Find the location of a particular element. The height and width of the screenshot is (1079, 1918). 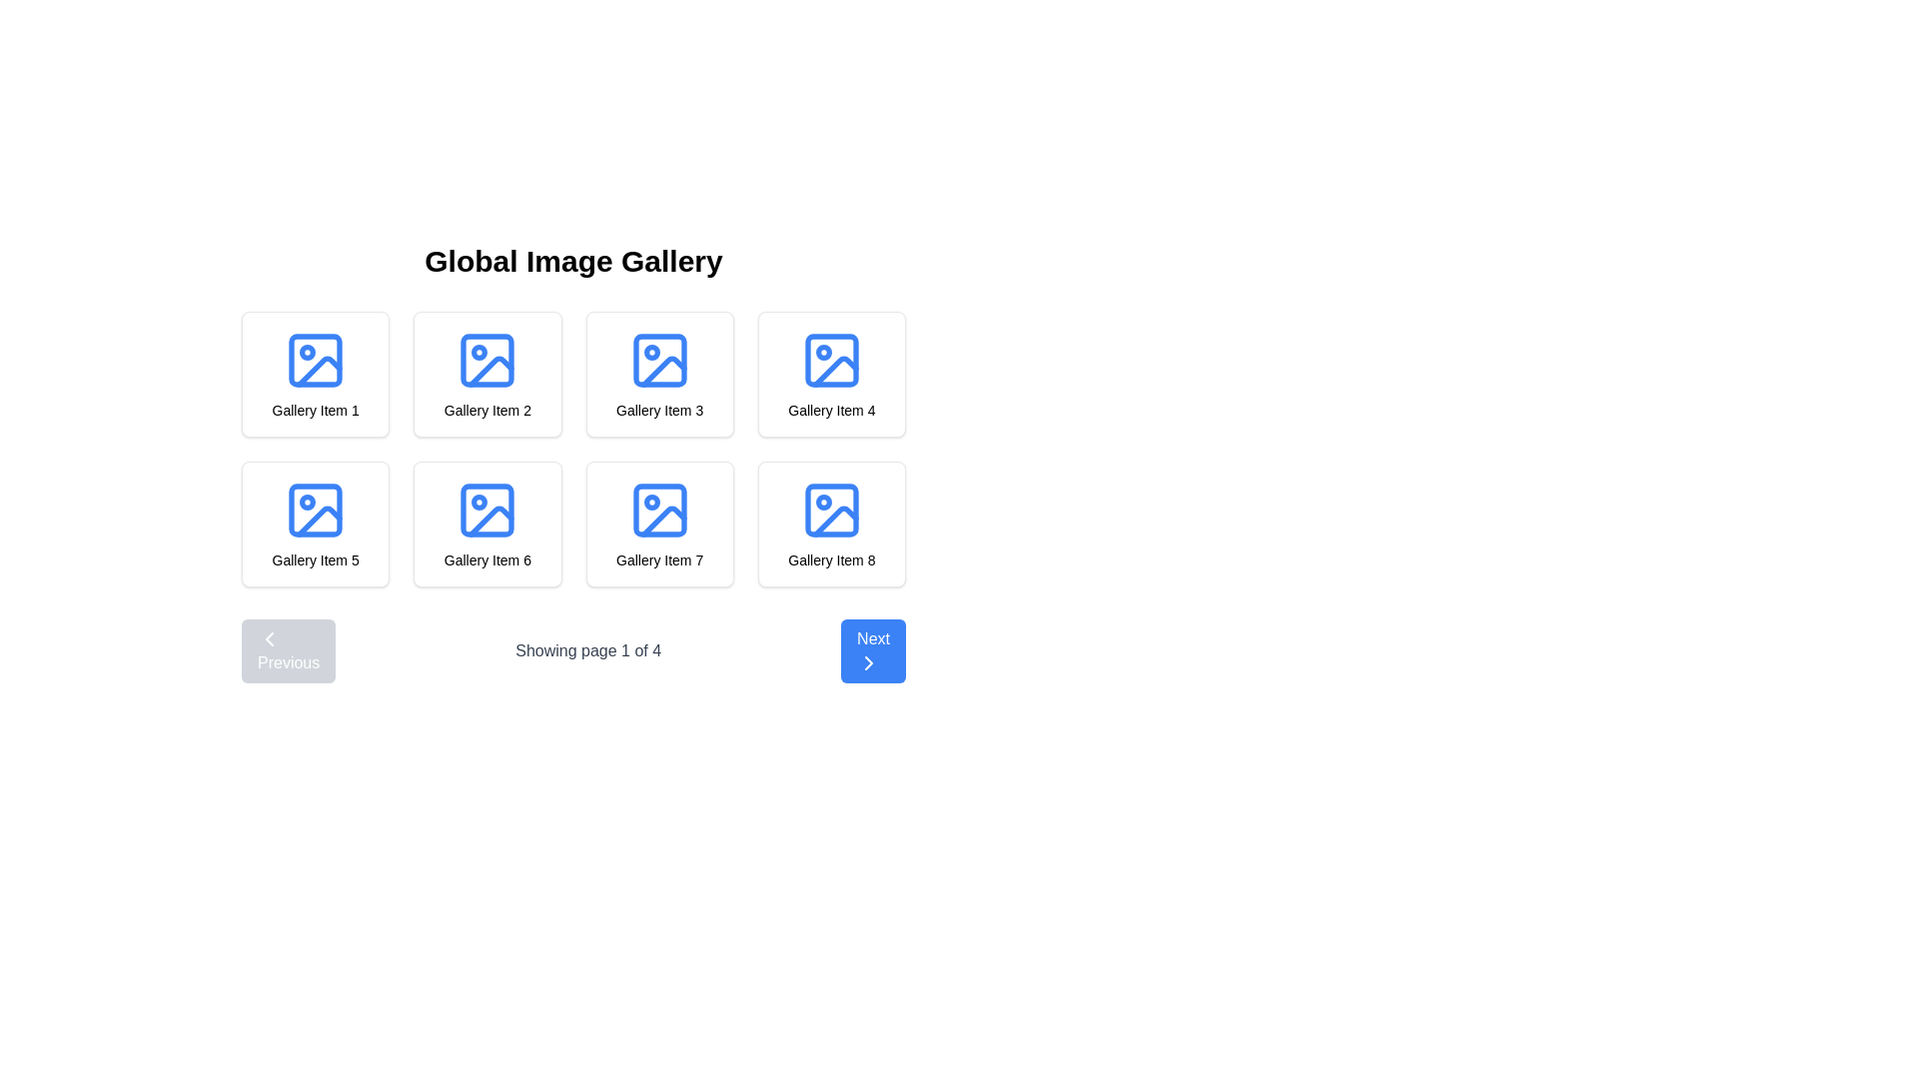

the text label displaying 'Gallery Item 7', which is styled in a small font and located in the bottom center of the seventh cell in the gallery grid is located at coordinates (659, 559).